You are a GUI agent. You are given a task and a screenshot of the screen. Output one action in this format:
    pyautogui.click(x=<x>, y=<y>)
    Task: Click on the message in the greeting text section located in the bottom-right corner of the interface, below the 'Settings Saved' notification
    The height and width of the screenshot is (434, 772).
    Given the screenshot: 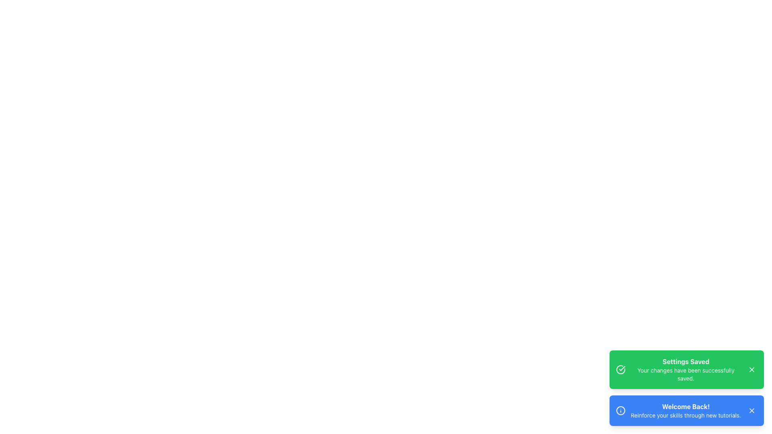 What is the action you would take?
    pyautogui.click(x=685, y=411)
    